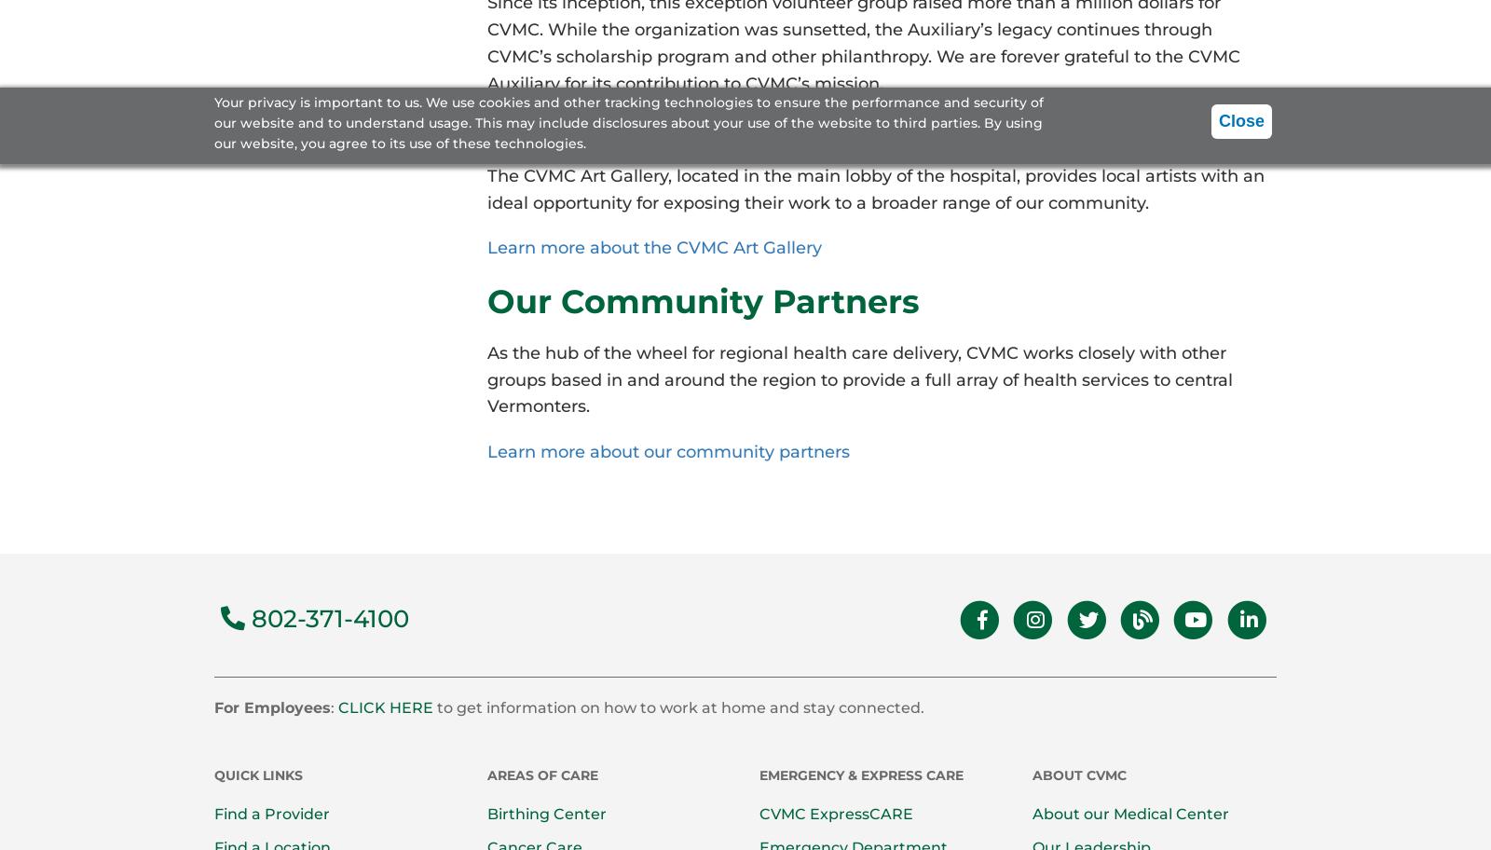 The image size is (1491, 850). What do you see at coordinates (1129, 814) in the screenshot?
I see `'About our Medical Center'` at bounding box center [1129, 814].